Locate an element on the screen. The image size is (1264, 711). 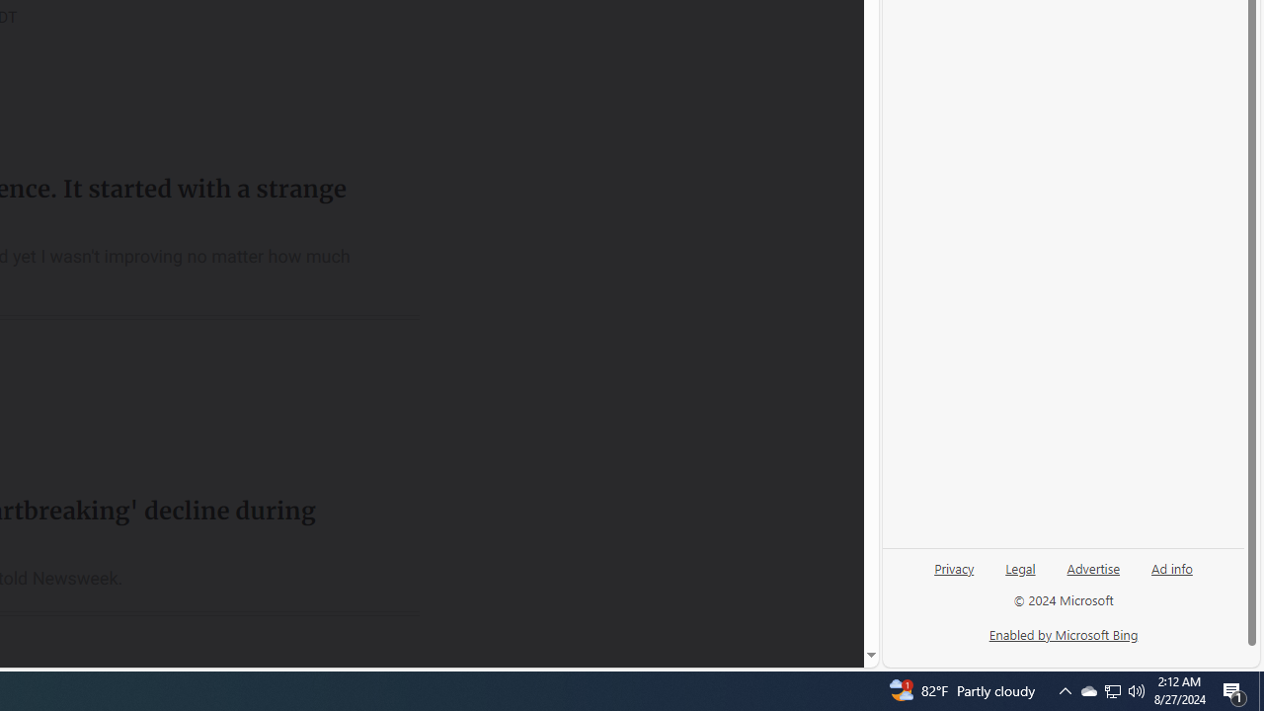
'Legal' is located at coordinates (1020, 576).